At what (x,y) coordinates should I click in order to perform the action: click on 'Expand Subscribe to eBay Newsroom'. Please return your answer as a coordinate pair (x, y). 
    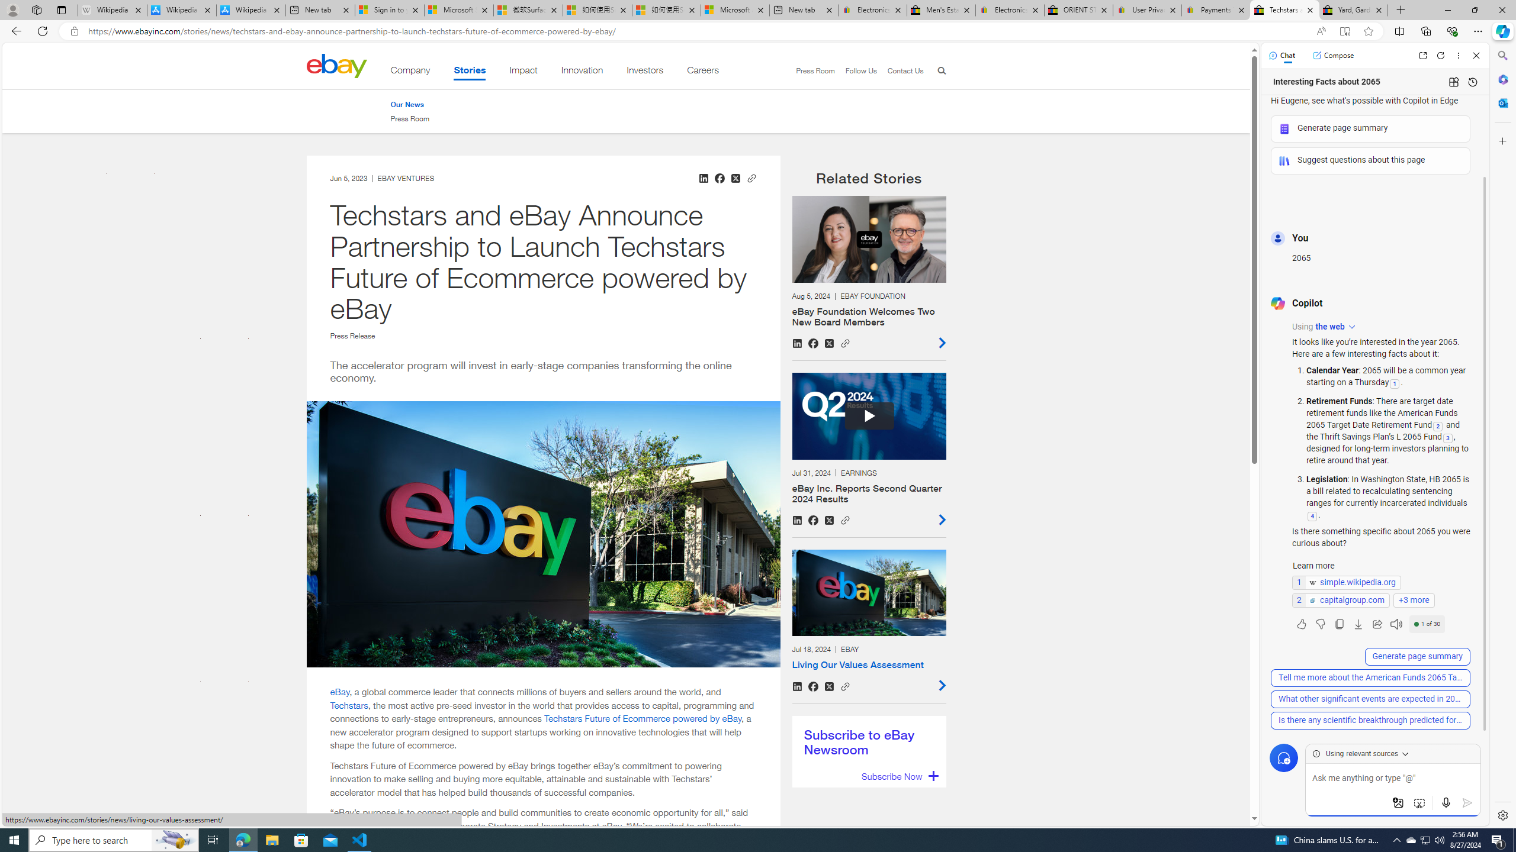
    Looking at the image, I should click on (898, 775).